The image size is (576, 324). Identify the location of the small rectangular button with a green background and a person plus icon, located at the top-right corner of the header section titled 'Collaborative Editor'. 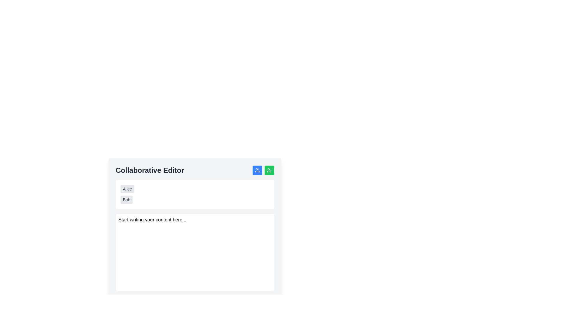
(263, 170).